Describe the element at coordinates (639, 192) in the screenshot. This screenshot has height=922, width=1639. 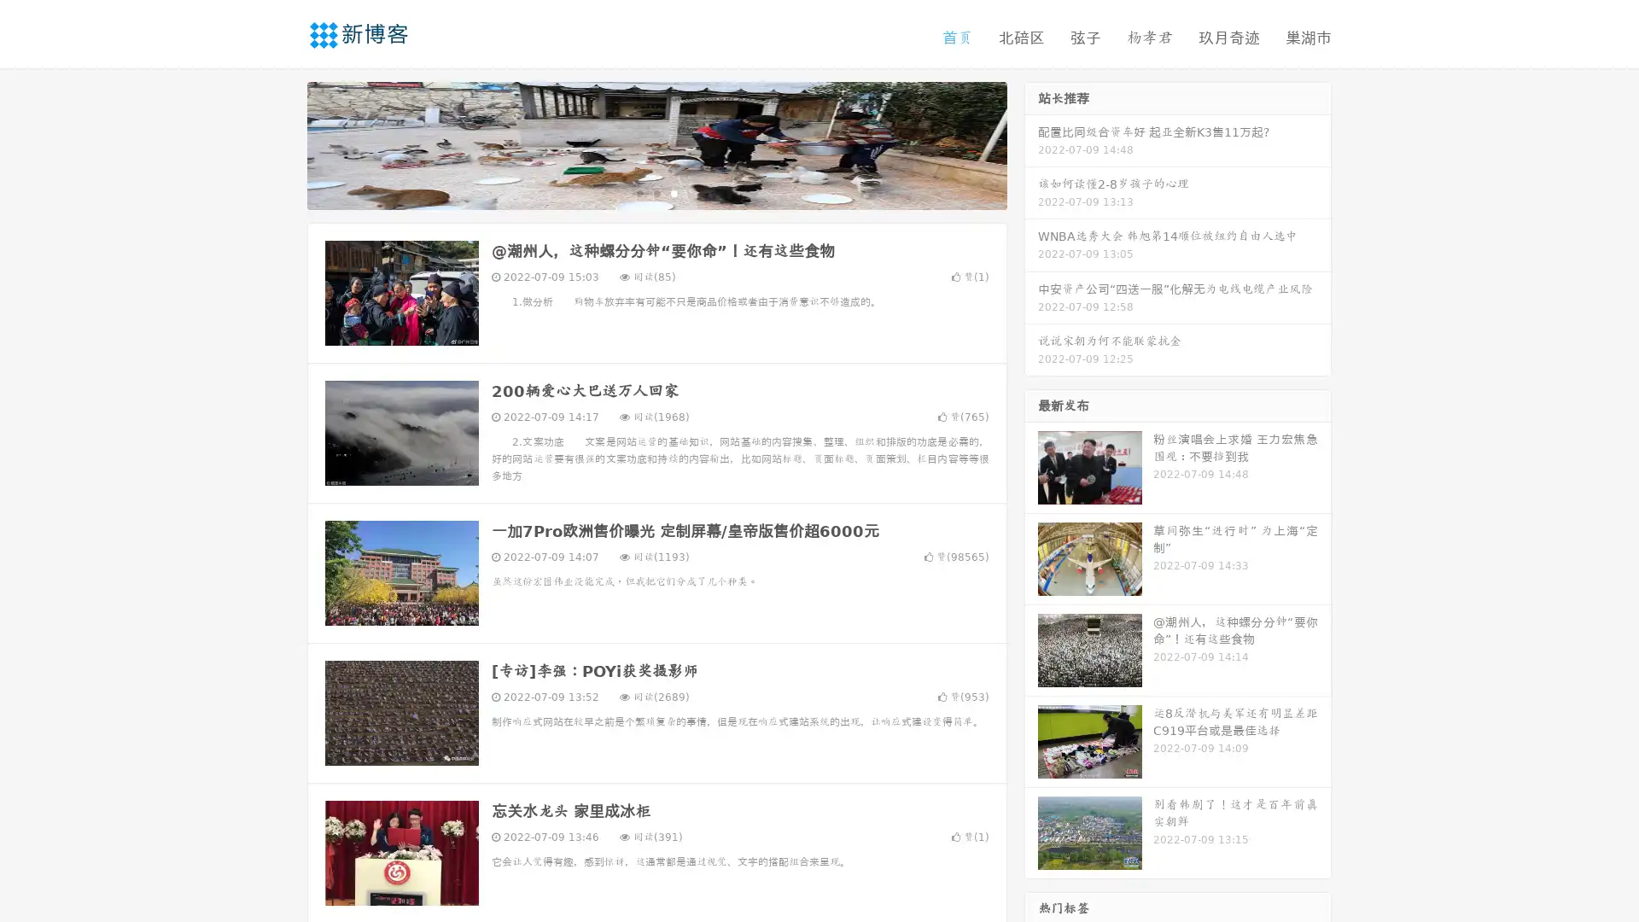
I see `Go to slide 1` at that location.